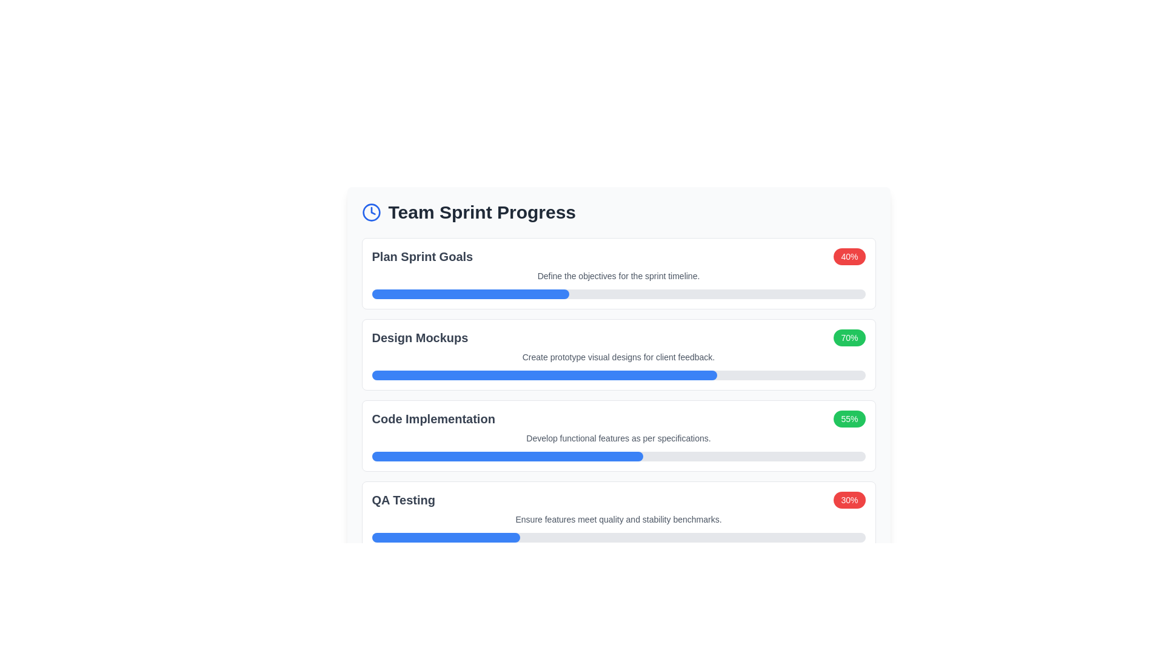  Describe the element at coordinates (370, 212) in the screenshot. I see `the decorative clock icon located to the left of the 'Team Sprint Progress' heading at the top of the interface` at that location.